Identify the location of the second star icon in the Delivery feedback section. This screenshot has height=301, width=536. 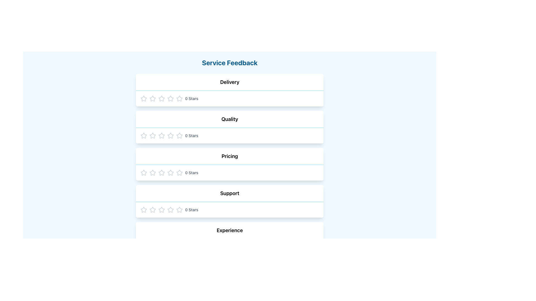
(161, 98).